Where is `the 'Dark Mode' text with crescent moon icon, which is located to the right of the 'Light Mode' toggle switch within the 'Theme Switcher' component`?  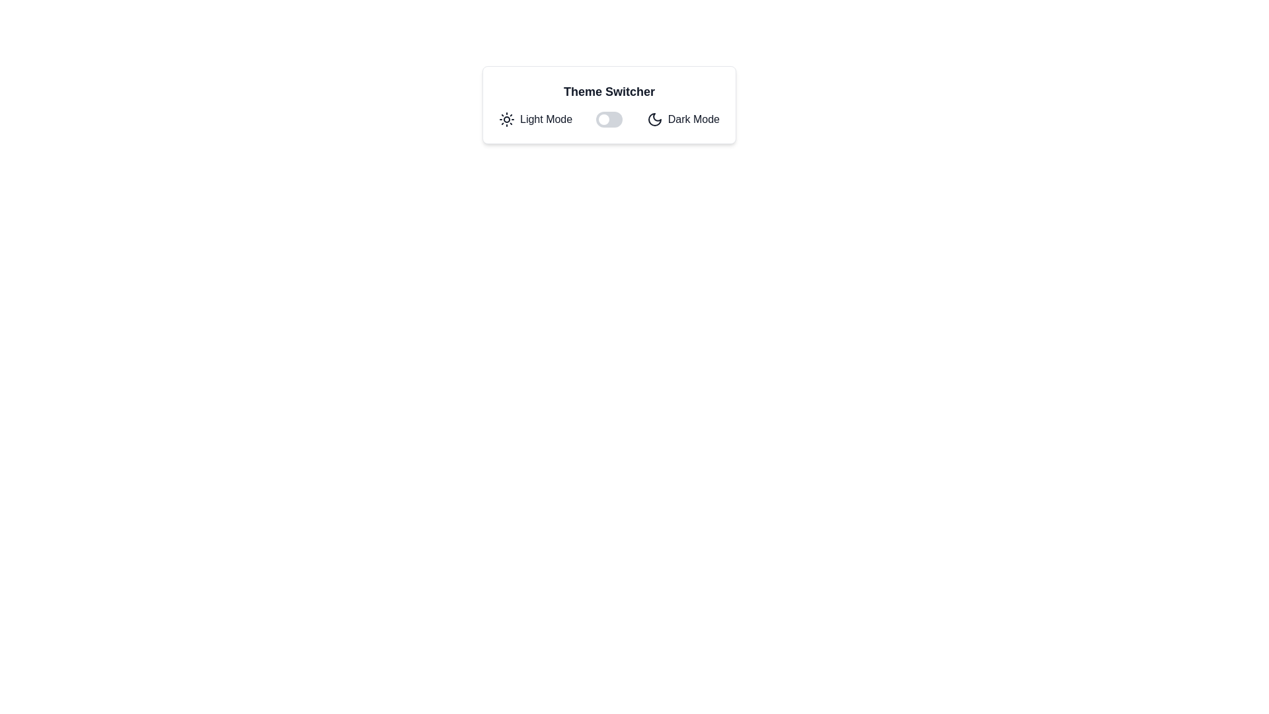 the 'Dark Mode' text with crescent moon icon, which is located to the right of the 'Light Mode' toggle switch within the 'Theme Switcher' component is located at coordinates (683, 120).